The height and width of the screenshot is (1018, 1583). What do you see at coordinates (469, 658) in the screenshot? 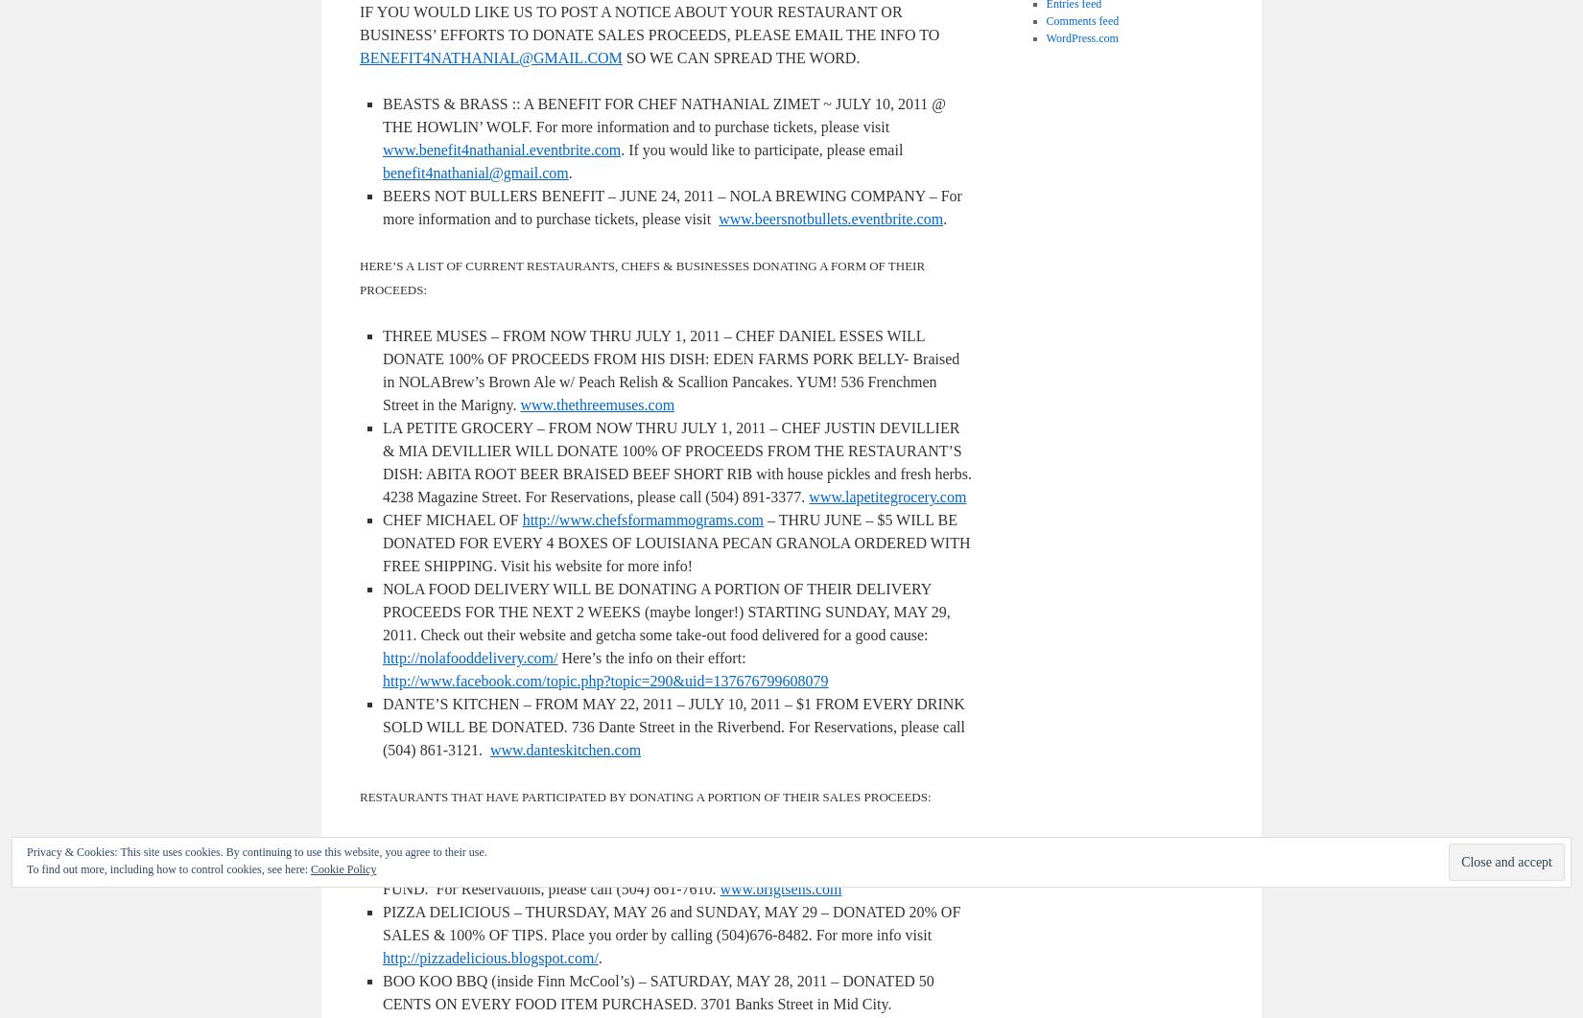
I see `'http://nolafooddelivery.com/'` at bounding box center [469, 658].